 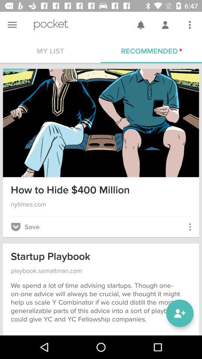 What do you see at coordinates (190, 25) in the screenshot?
I see `the option button which is righht hand side` at bounding box center [190, 25].